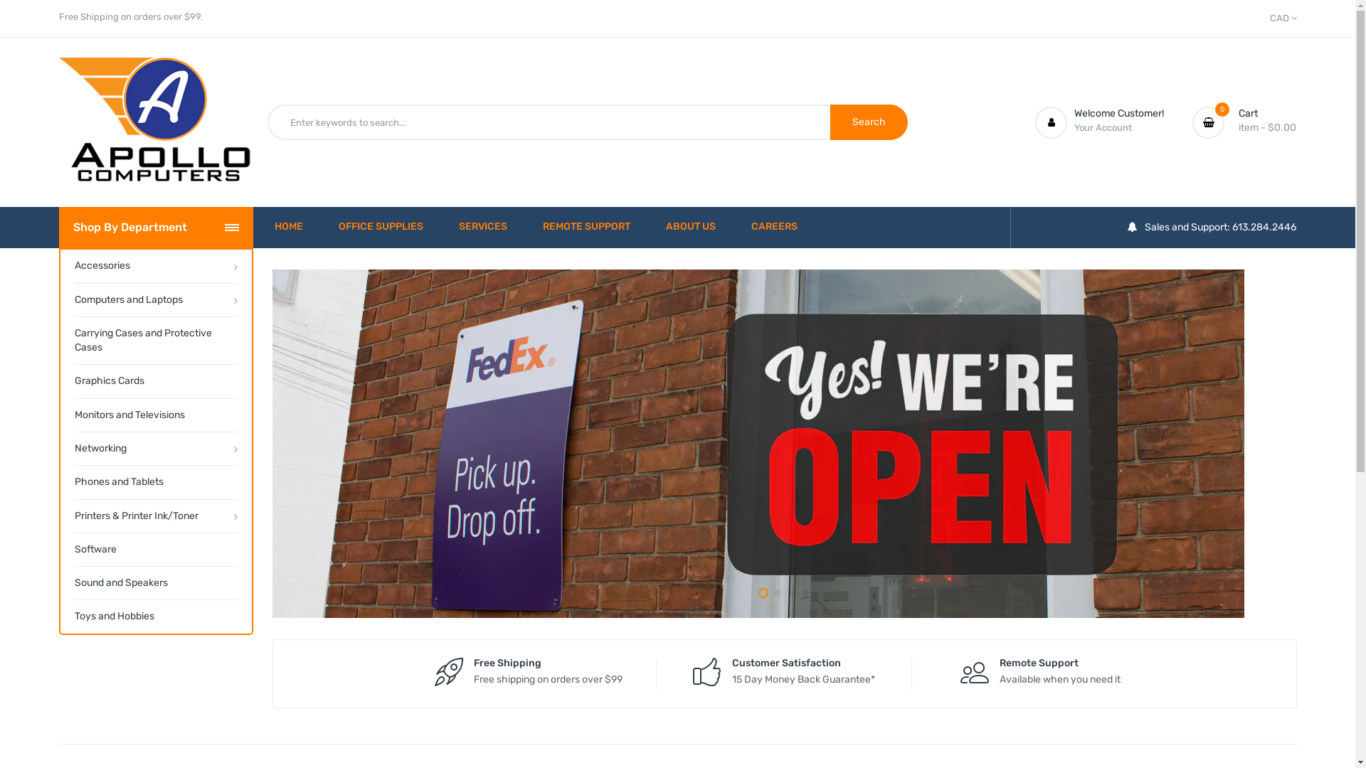  Describe the element at coordinates (155, 340) in the screenshot. I see `'Carrying Cases and Protective Cases'` at that location.